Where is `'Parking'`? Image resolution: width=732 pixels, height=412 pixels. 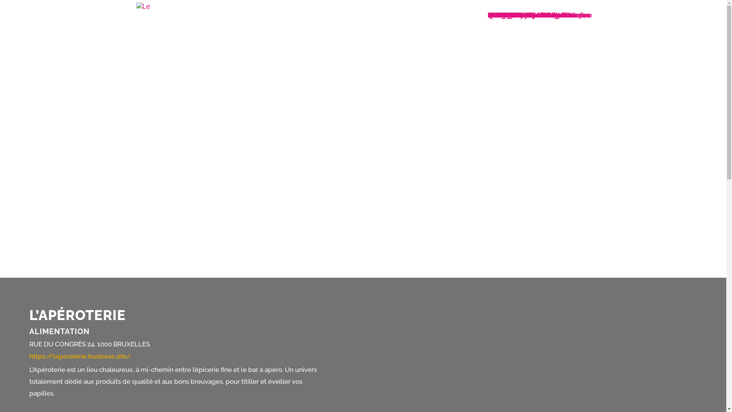 'Parking' is located at coordinates (487, 15).